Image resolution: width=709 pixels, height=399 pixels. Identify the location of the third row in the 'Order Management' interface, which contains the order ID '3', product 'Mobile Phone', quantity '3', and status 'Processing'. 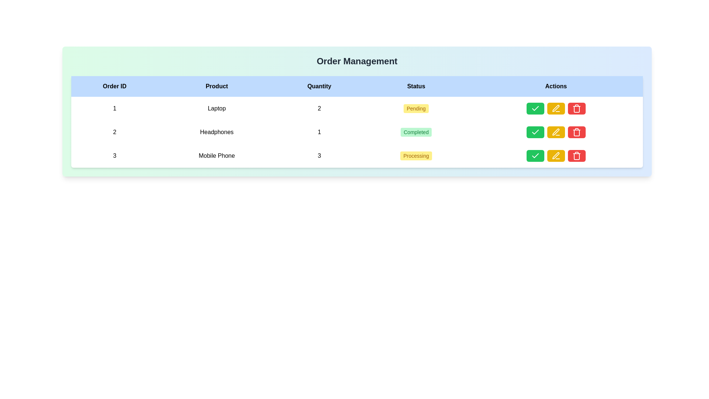
(357, 155).